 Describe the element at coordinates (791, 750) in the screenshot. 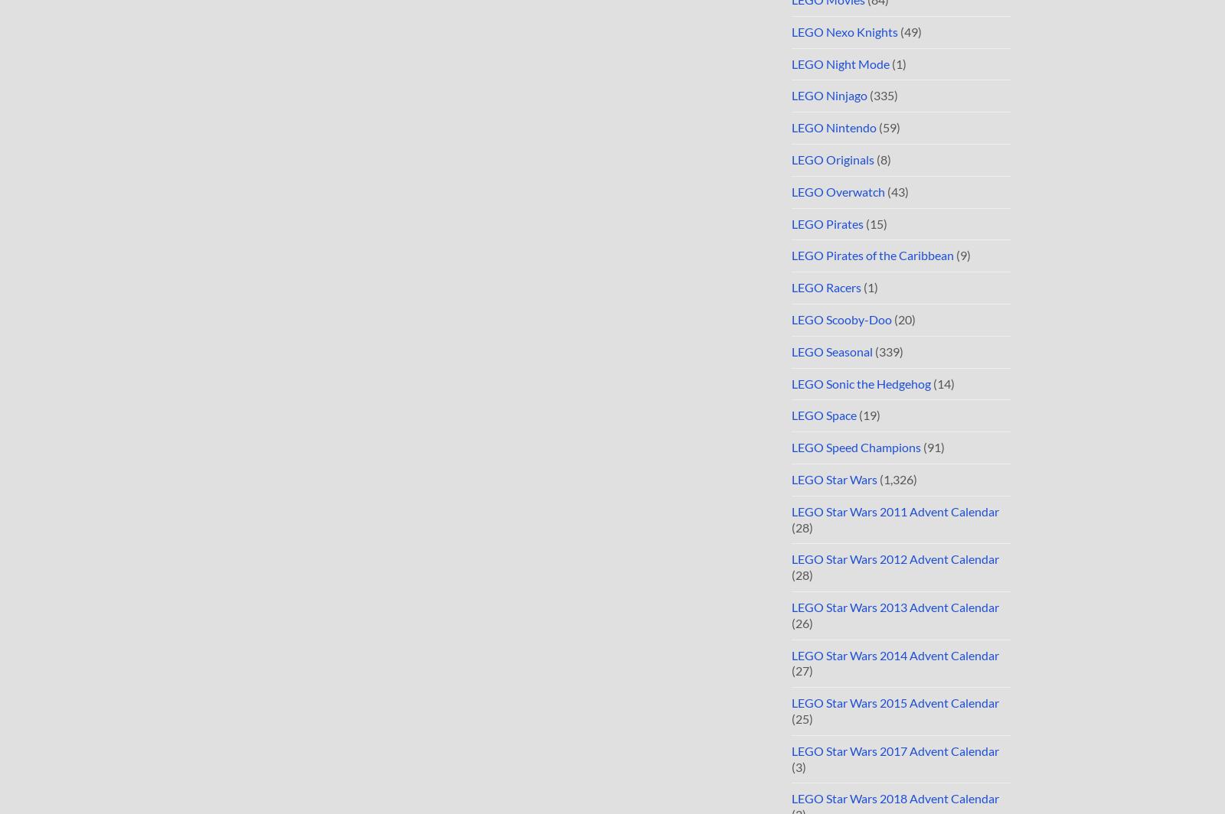

I see `'LEGO Star Wars 2017 Advent Calendar'` at that location.